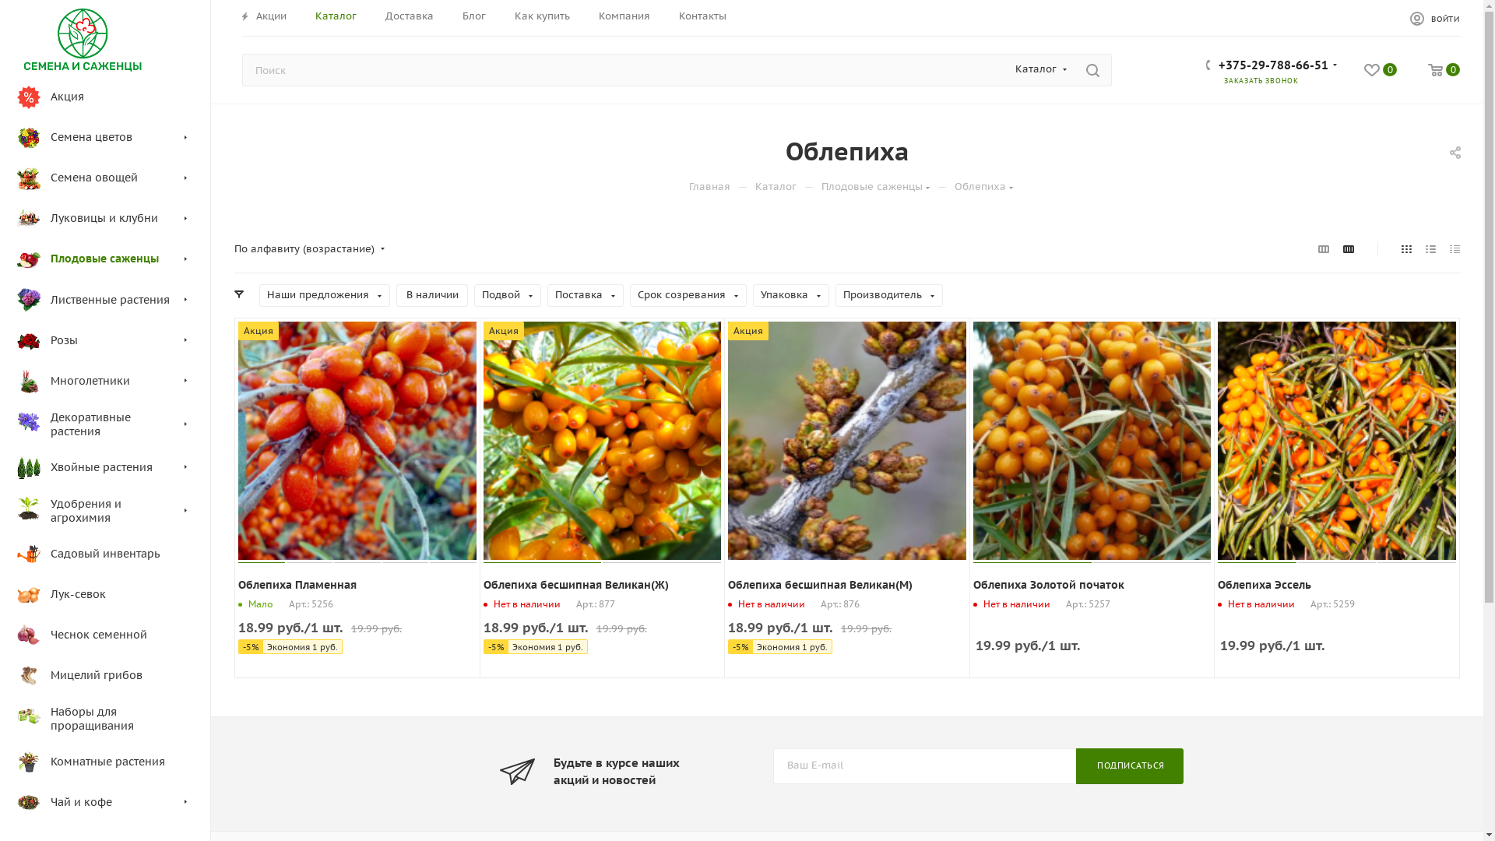 The image size is (1495, 841). Describe the element at coordinates (1443, 72) in the screenshot. I see `'0'` at that location.